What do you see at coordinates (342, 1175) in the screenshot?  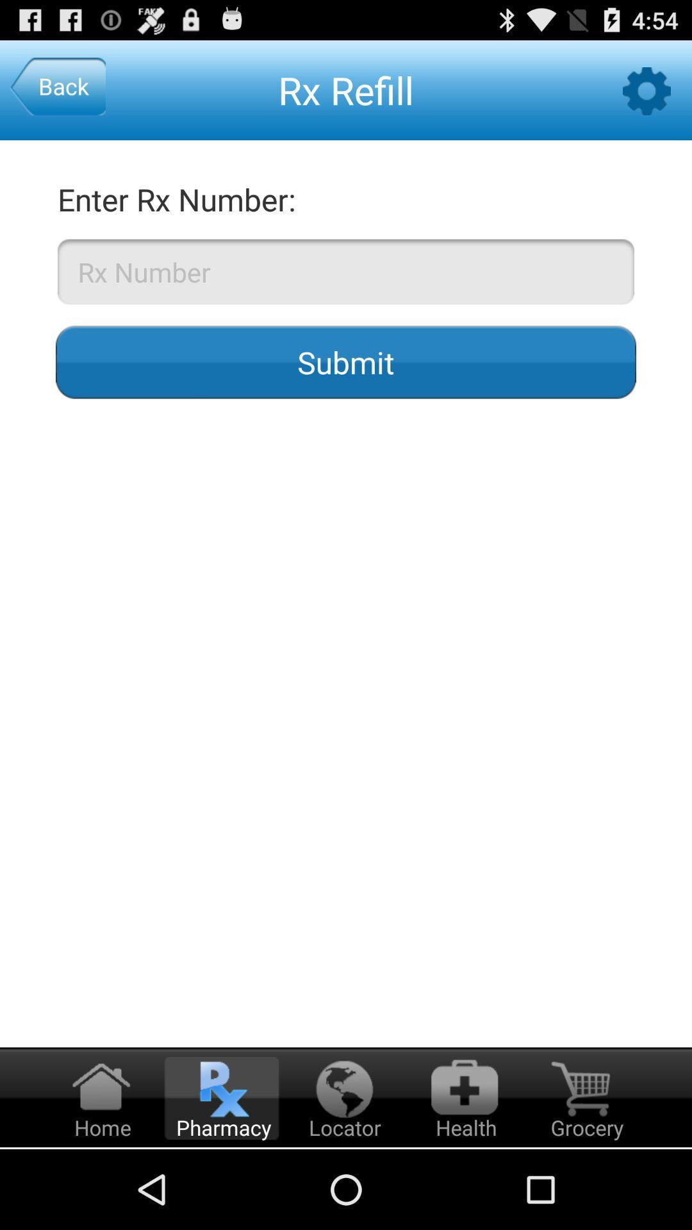 I see `the globe icon` at bounding box center [342, 1175].